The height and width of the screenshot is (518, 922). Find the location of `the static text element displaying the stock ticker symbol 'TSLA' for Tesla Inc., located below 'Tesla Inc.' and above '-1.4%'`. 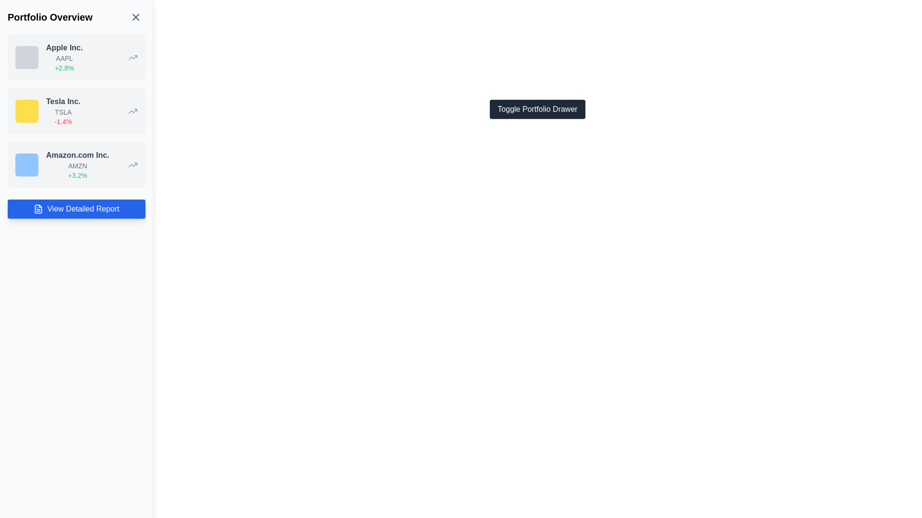

the static text element displaying the stock ticker symbol 'TSLA' for Tesla Inc., located below 'Tesla Inc.' and above '-1.4%' is located at coordinates (62, 112).